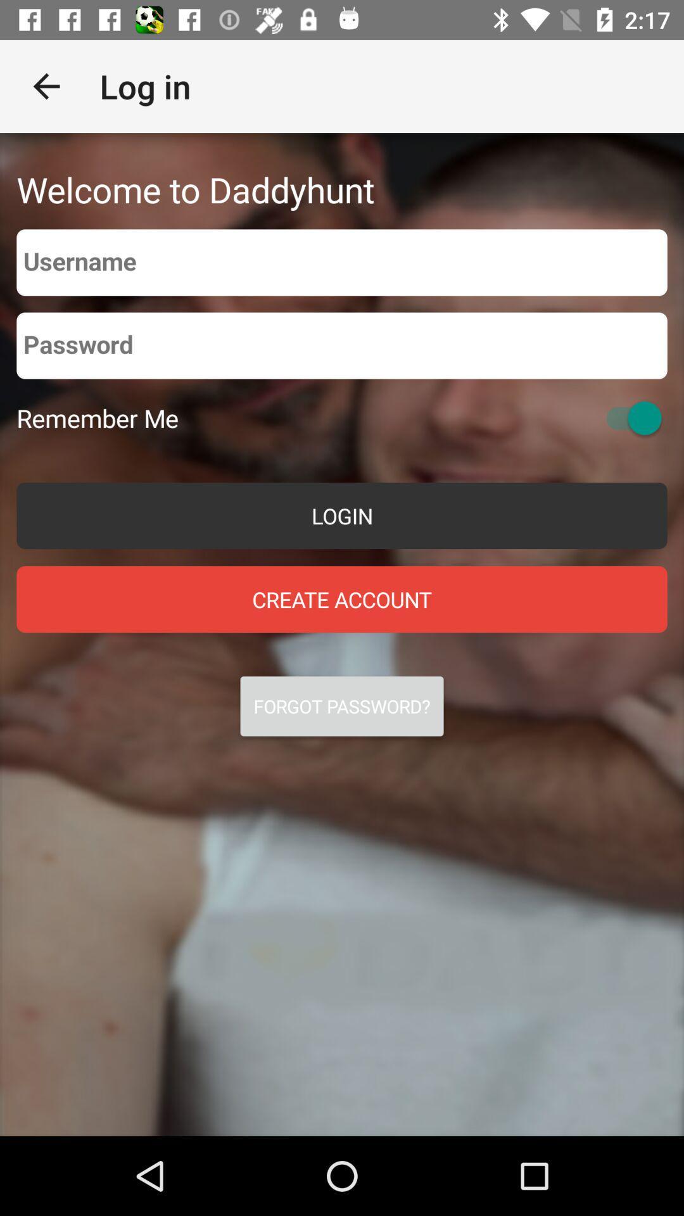 The height and width of the screenshot is (1216, 684). I want to click on icon below the create account, so click(342, 706).